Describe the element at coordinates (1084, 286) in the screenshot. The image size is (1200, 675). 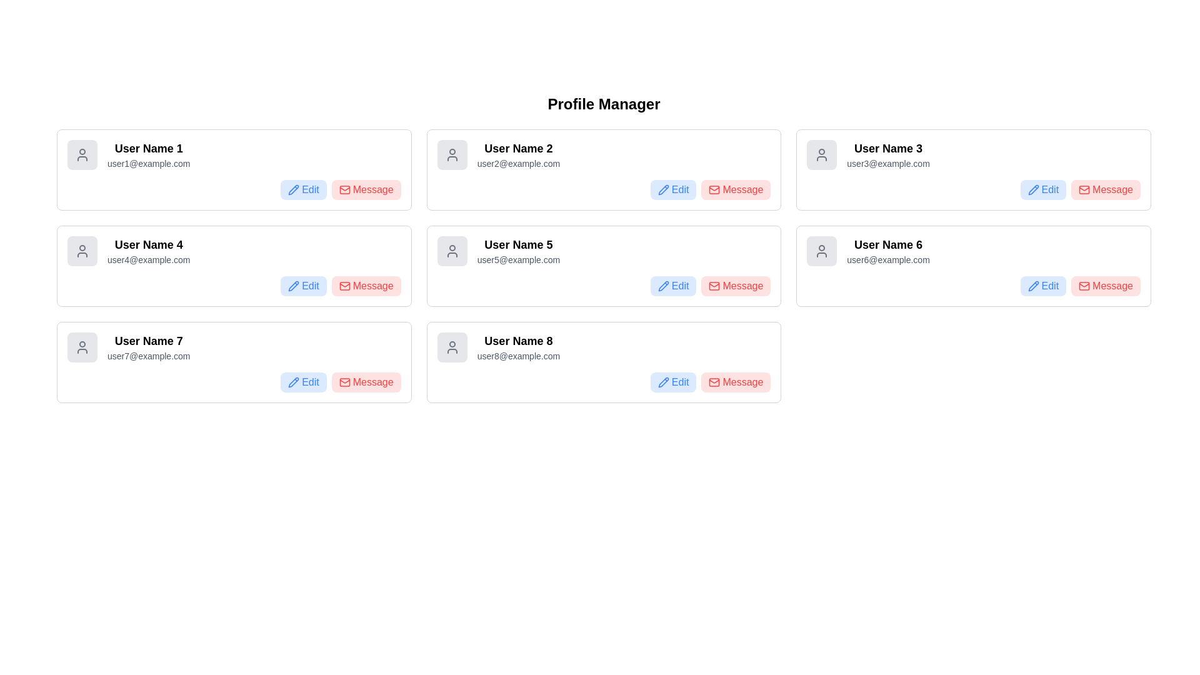
I see `the email envelope icon within the SVG that is part of the 'Message' button located at the bottom-right of the user information card` at that location.